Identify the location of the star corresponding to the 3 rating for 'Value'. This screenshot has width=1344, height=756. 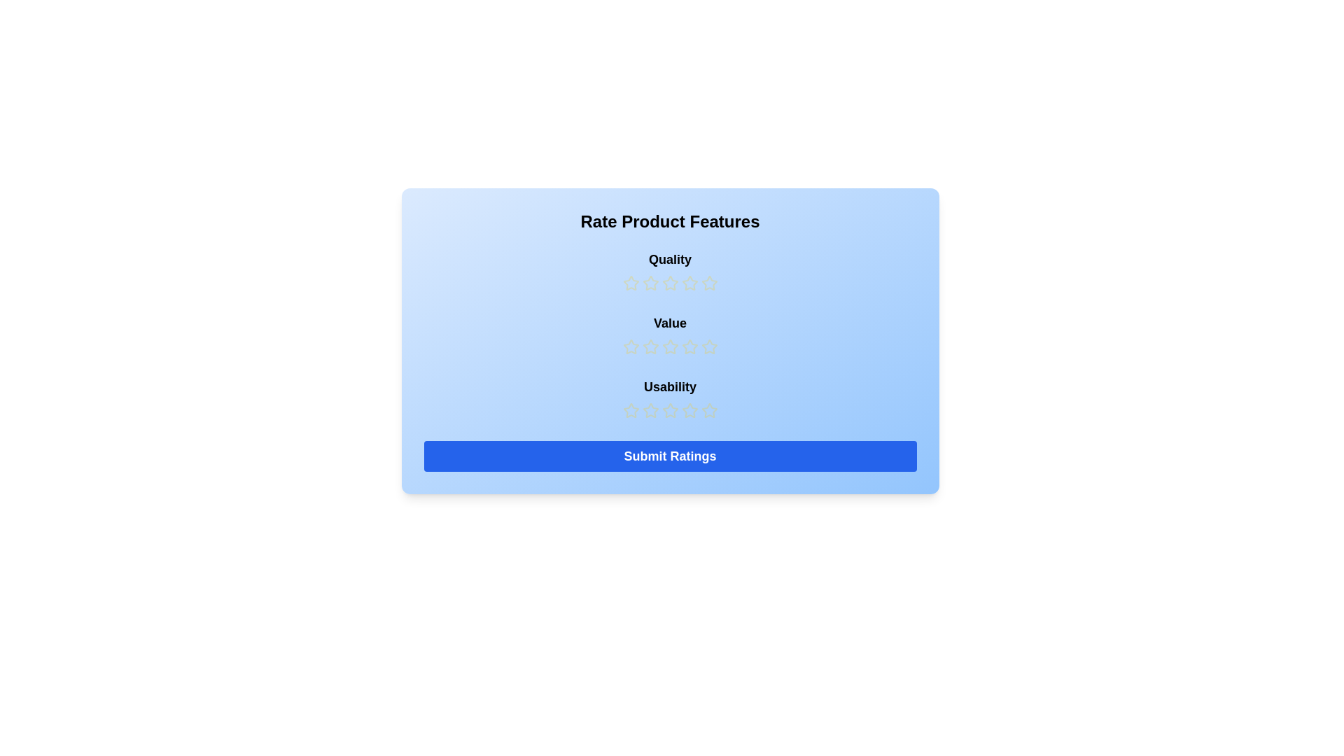
(669, 346).